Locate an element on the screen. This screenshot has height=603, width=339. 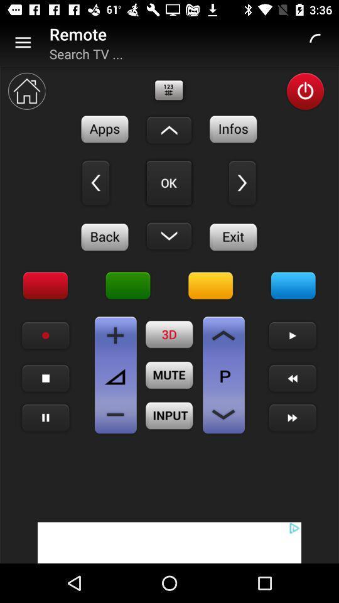
the add icon is located at coordinates (116, 335).